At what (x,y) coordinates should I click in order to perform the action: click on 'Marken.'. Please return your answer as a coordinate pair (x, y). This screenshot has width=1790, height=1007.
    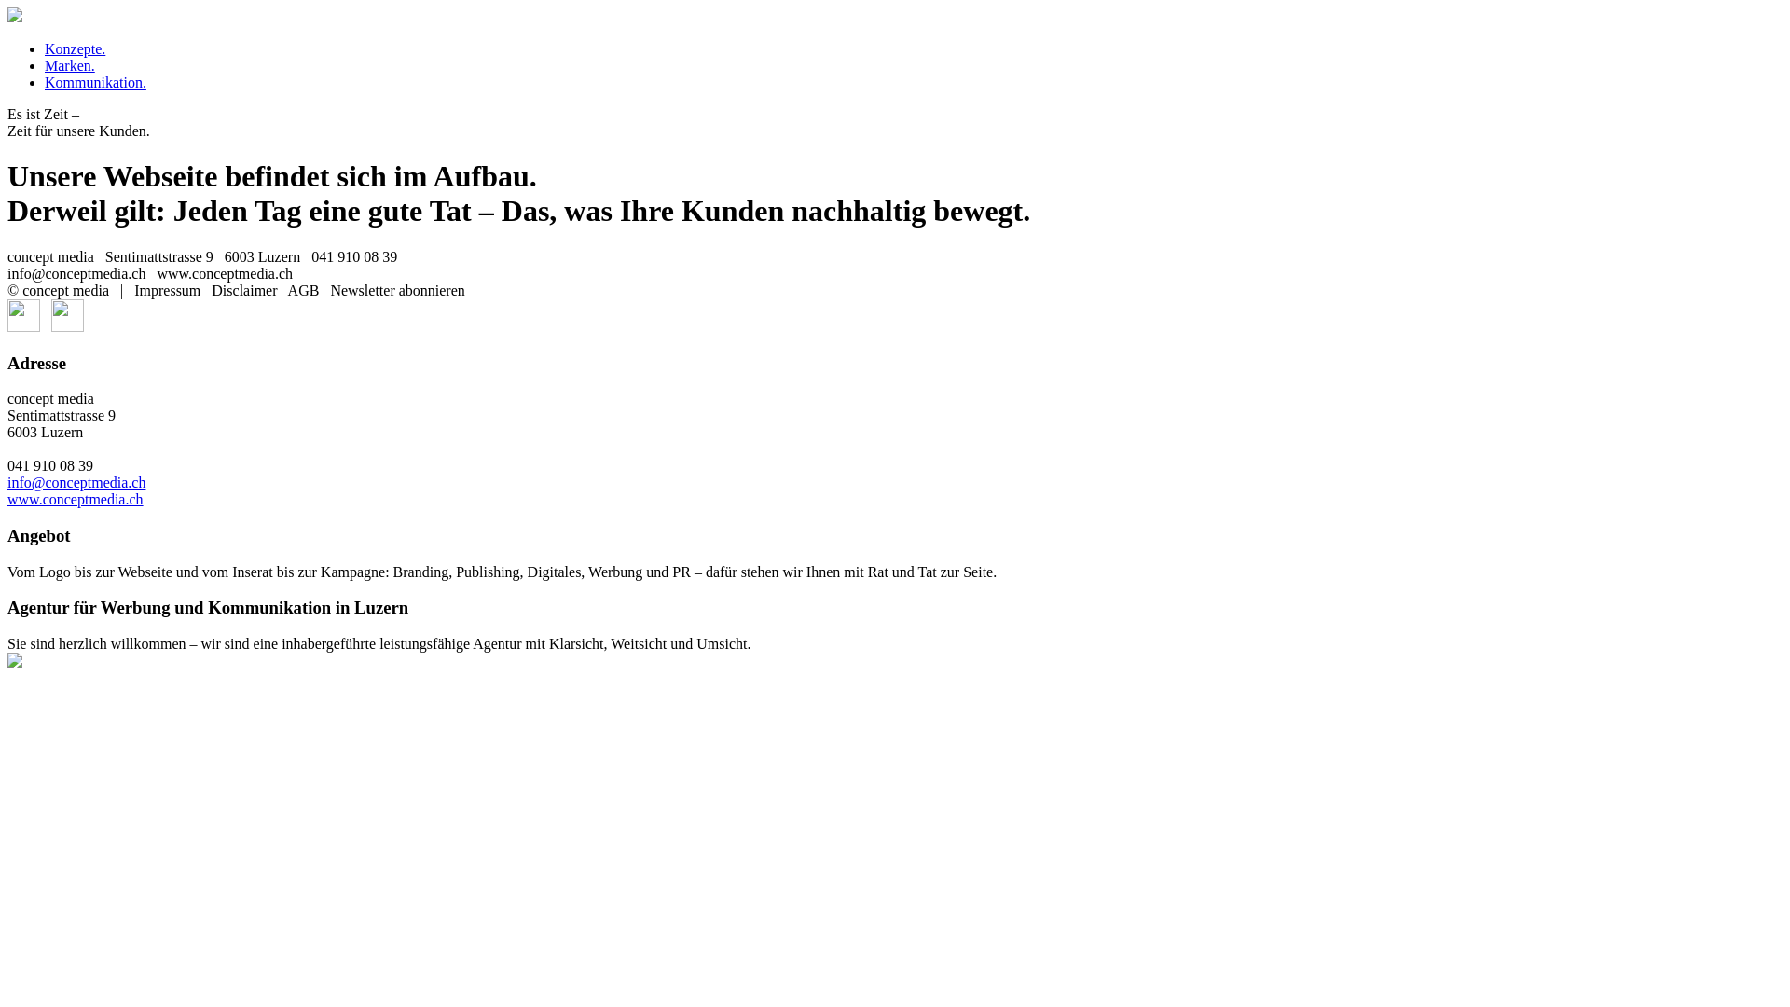
    Looking at the image, I should click on (70, 64).